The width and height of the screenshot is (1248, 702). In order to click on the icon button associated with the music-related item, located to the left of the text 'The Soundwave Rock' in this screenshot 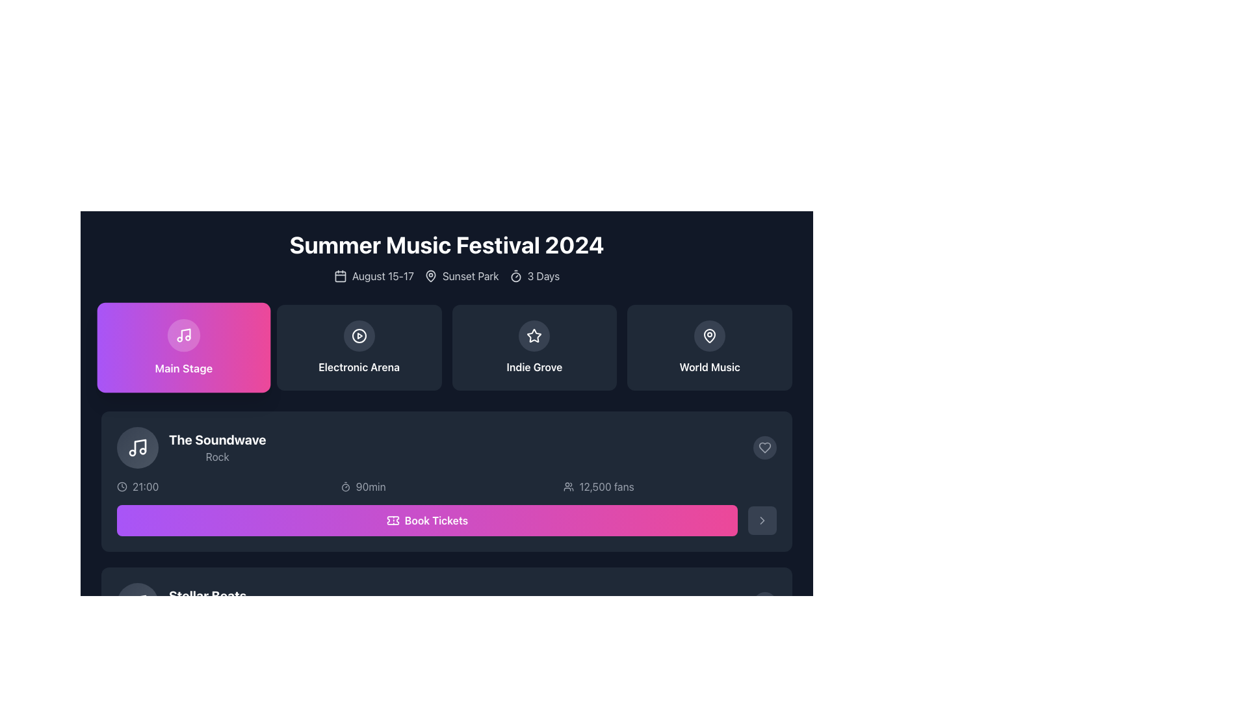, I will do `click(137, 447)`.